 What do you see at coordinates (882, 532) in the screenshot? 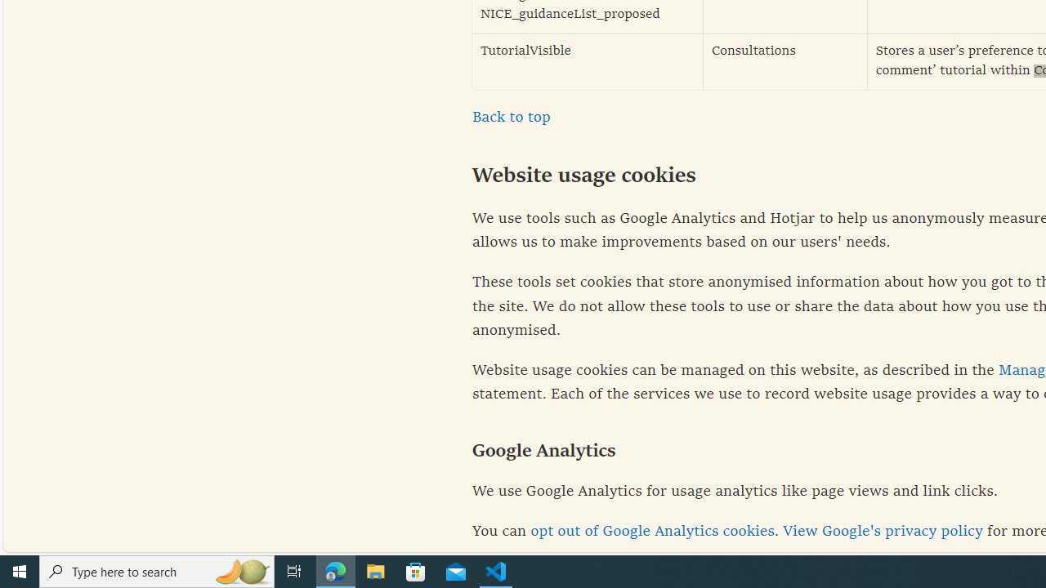
I see `'View Google'` at bounding box center [882, 532].